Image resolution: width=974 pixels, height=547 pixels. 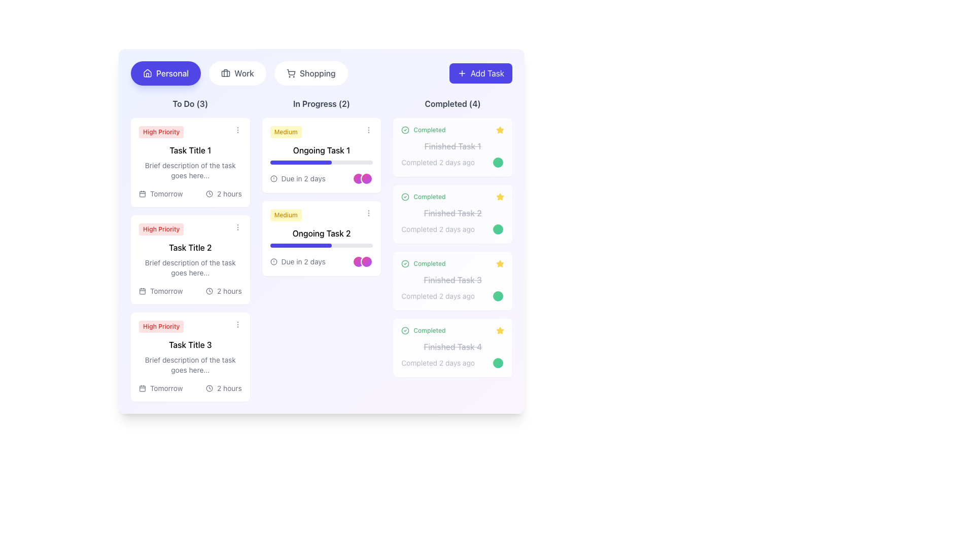 I want to click on the content of the bold yellow text label 'Medium', which indicates a priority level and is located in the top-left corner of the 'In Progress' card for 'Ongoing Task 2', so click(x=285, y=214).